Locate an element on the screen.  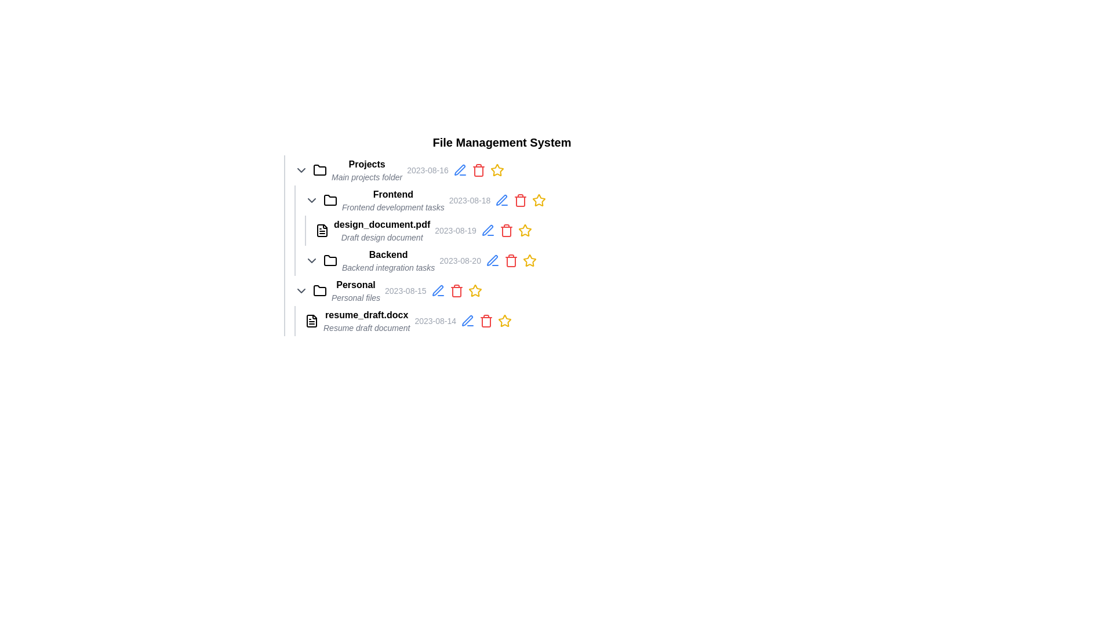
the bold black text label 'Frontend' located centrally in the file hierarchy under the 'Projects' folder to interact with the associated folder is located at coordinates (393, 194).